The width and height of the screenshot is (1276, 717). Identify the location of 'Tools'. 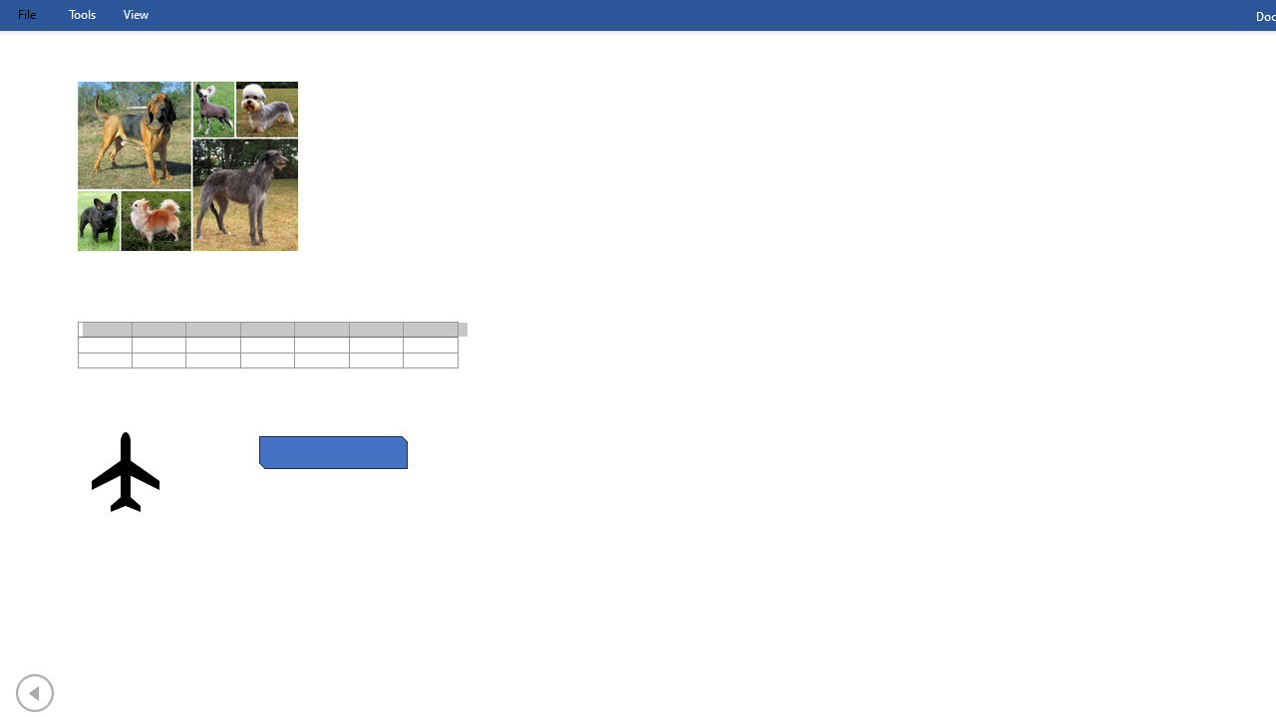
(81, 14).